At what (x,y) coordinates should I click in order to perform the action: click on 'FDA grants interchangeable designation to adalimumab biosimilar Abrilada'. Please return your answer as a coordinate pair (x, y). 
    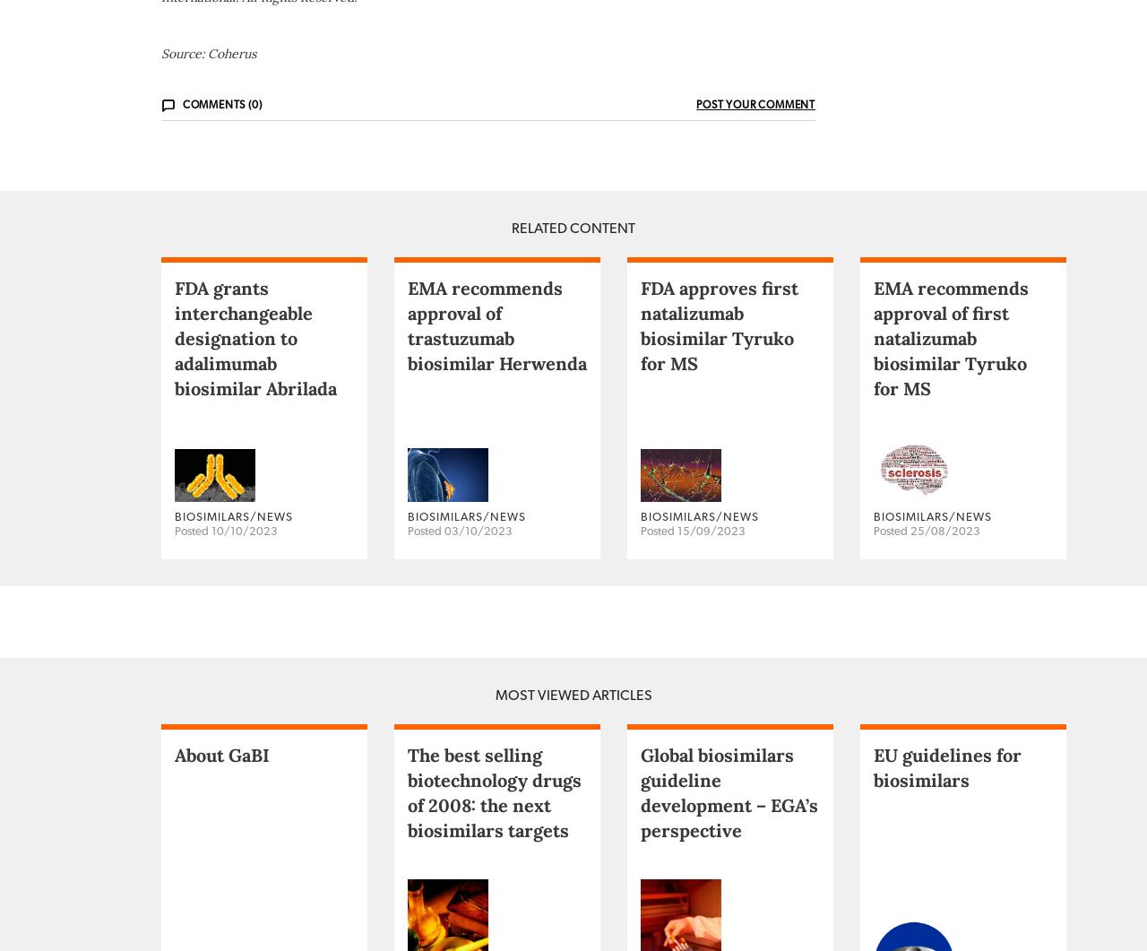
    Looking at the image, I should click on (254, 408).